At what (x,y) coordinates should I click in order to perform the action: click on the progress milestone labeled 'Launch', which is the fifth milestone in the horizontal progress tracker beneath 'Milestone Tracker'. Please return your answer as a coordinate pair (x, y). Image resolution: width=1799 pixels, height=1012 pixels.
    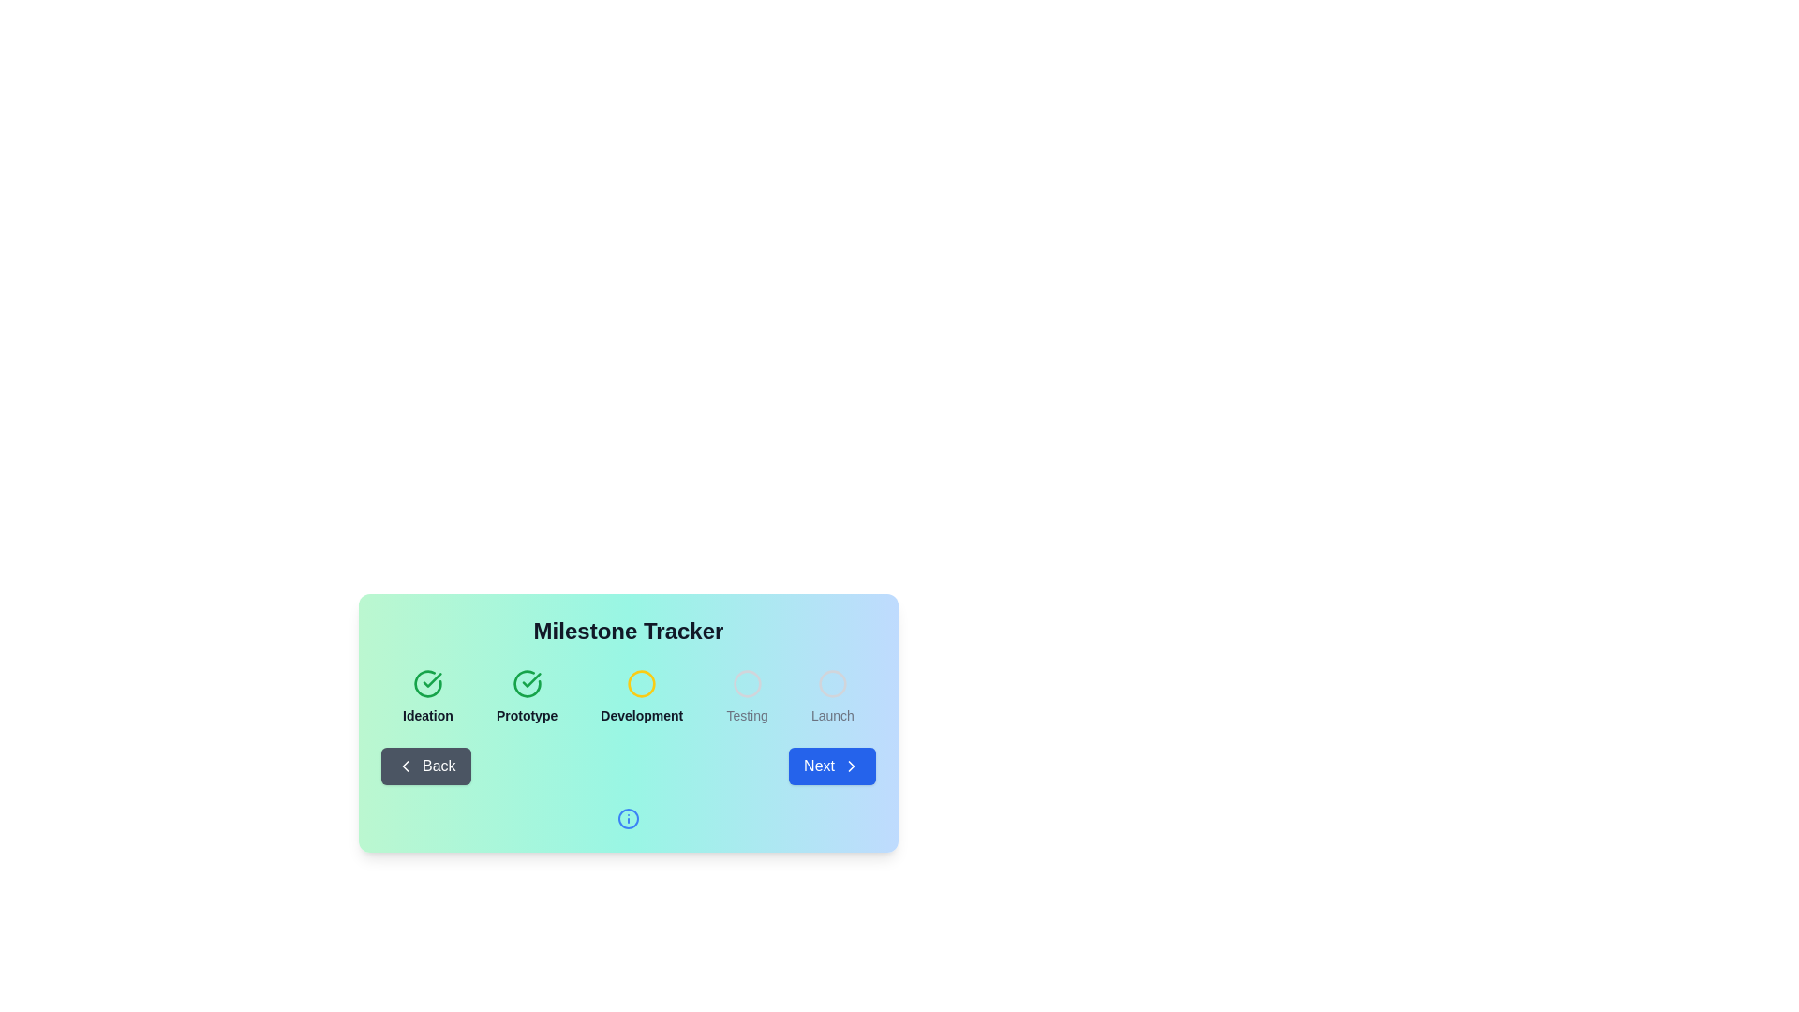
    Looking at the image, I should click on (831, 697).